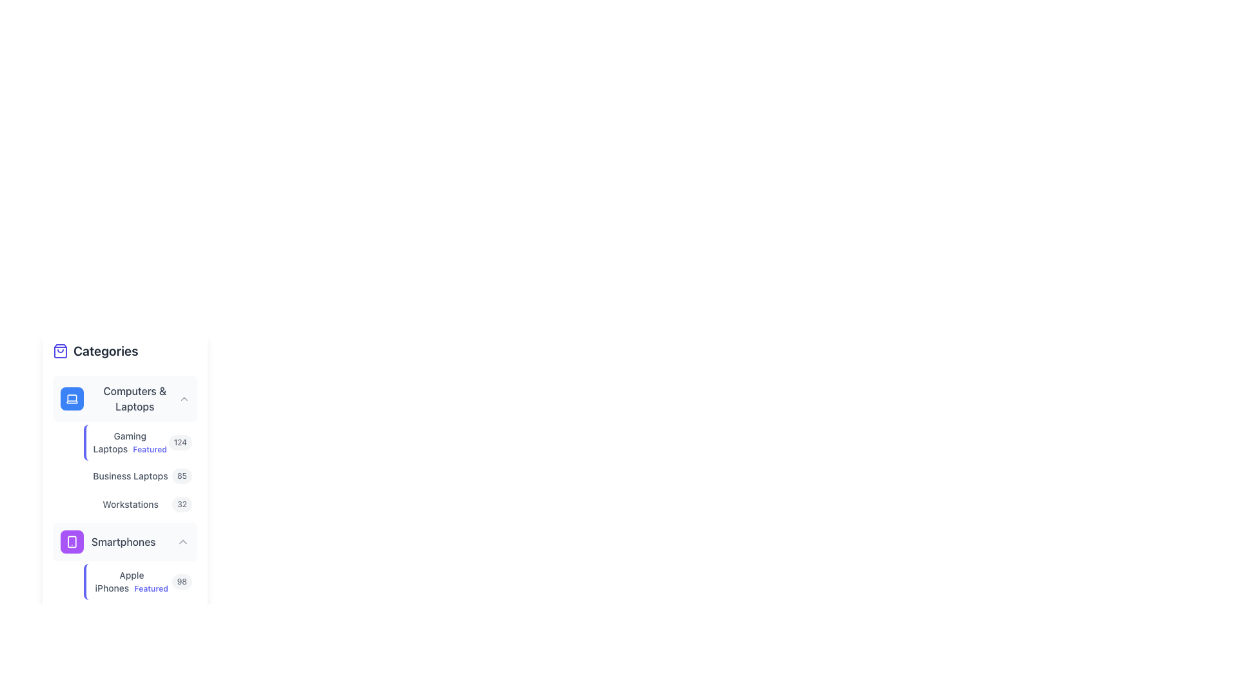  What do you see at coordinates (181, 504) in the screenshot?
I see `the badge component displaying the numeric indicator for the 'Workstations' category, which is located to the right of the 'Workstations' label` at bounding box center [181, 504].